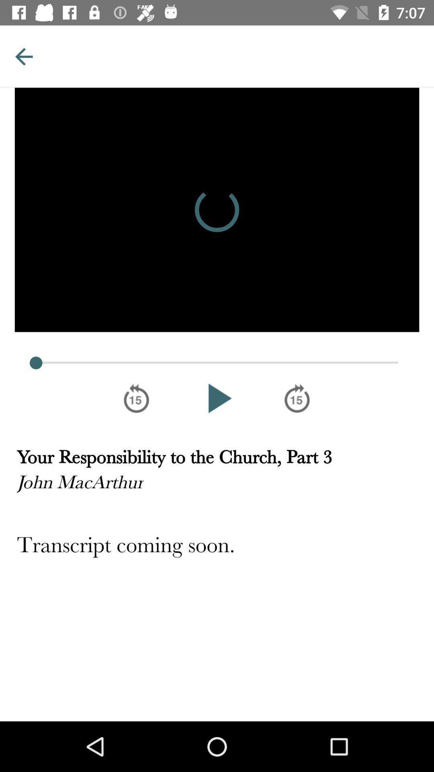 The image size is (434, 772). What do you see at coordinates (217, 546) in the screenshot?
I see `item below the john macarthur icon` at bounding box center [217, 546].